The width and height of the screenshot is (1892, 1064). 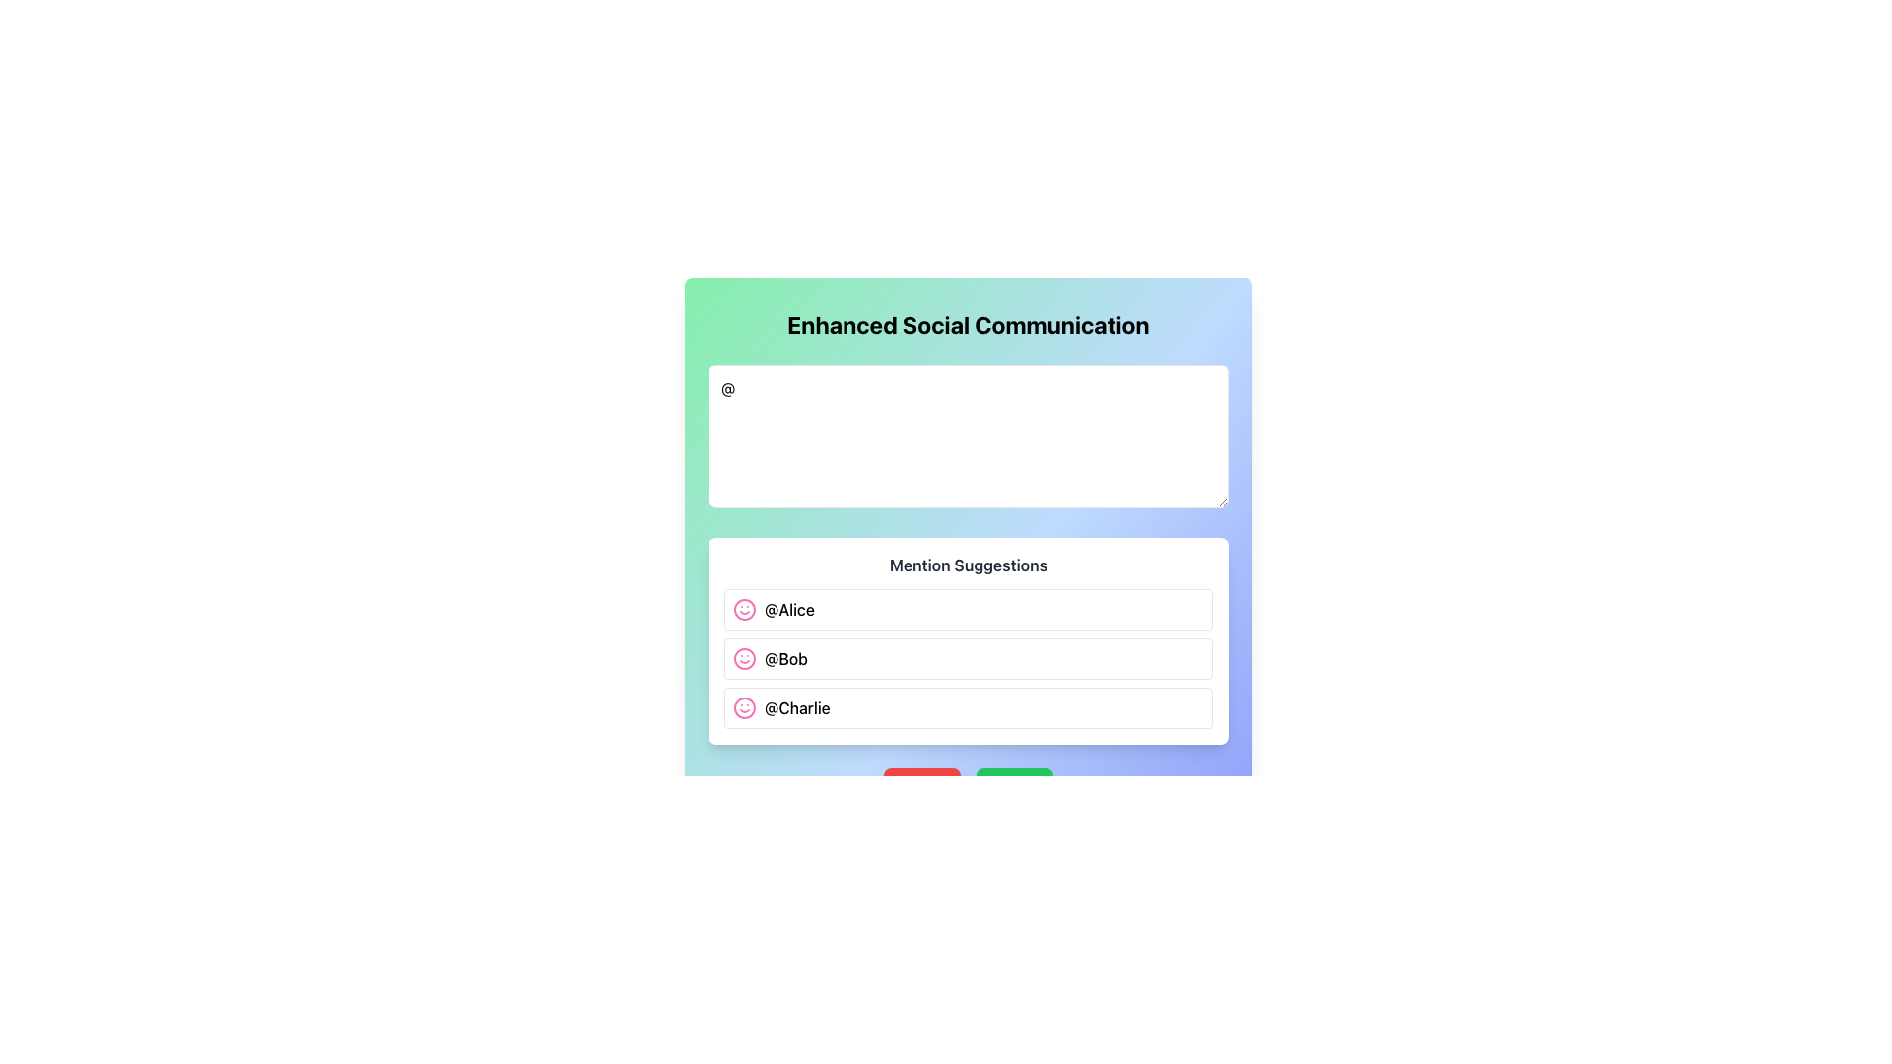 What do you see at coordinates (797, 706) in the screenshot?
I see `the text label representing the mention '@Charlie' in the mention suggestion list` at bounding box center [797, 706].